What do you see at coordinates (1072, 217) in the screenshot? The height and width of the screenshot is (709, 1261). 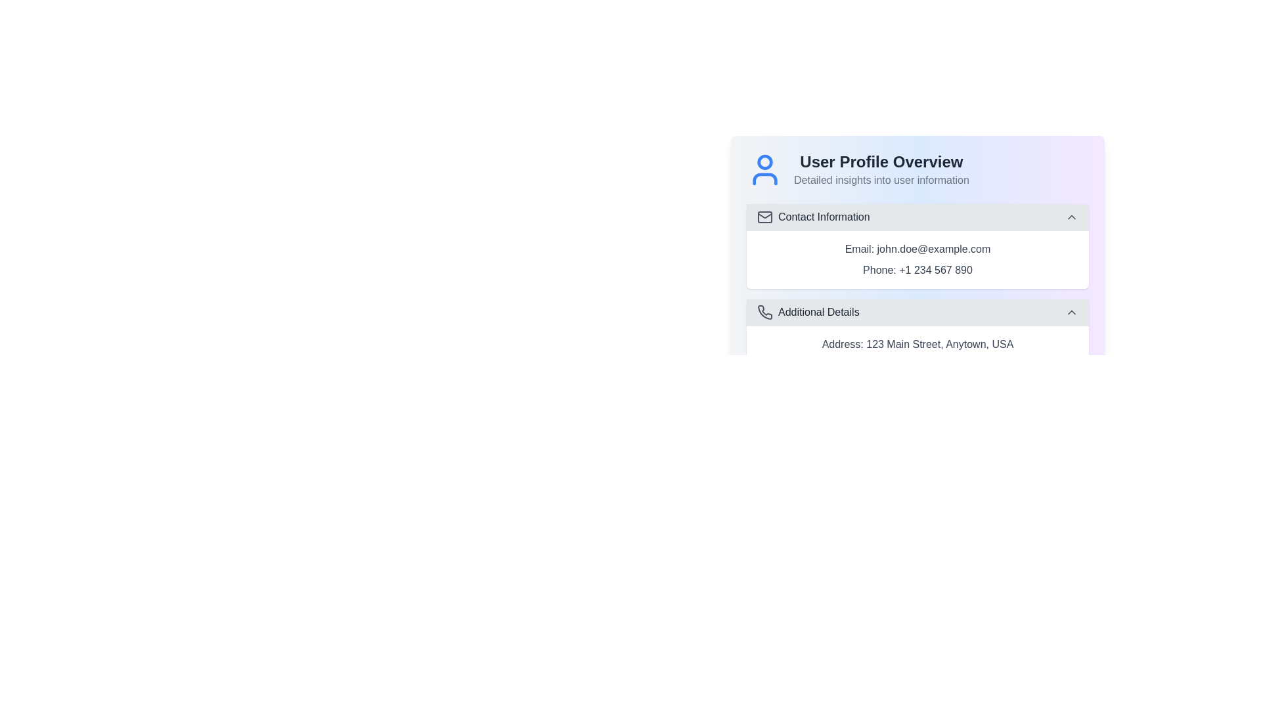 I see `the chevron-shaped Toggle icon pointing upwards located in the 'Contact Information' section` at bounding box center [1072, 217].